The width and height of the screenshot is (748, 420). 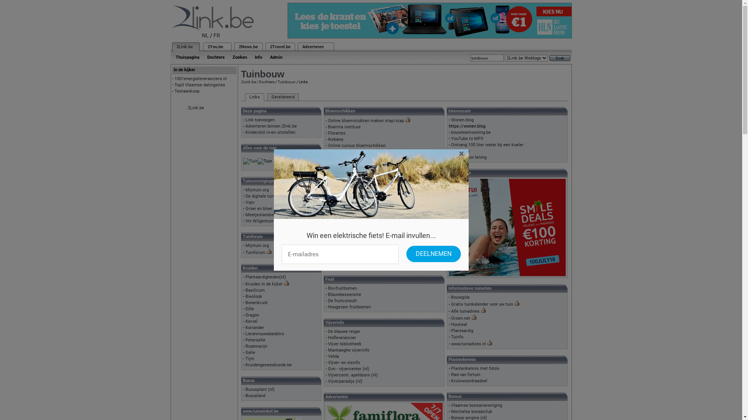 I want to click on 'Lievevrouwebedstro', so click(x=265, y=333).